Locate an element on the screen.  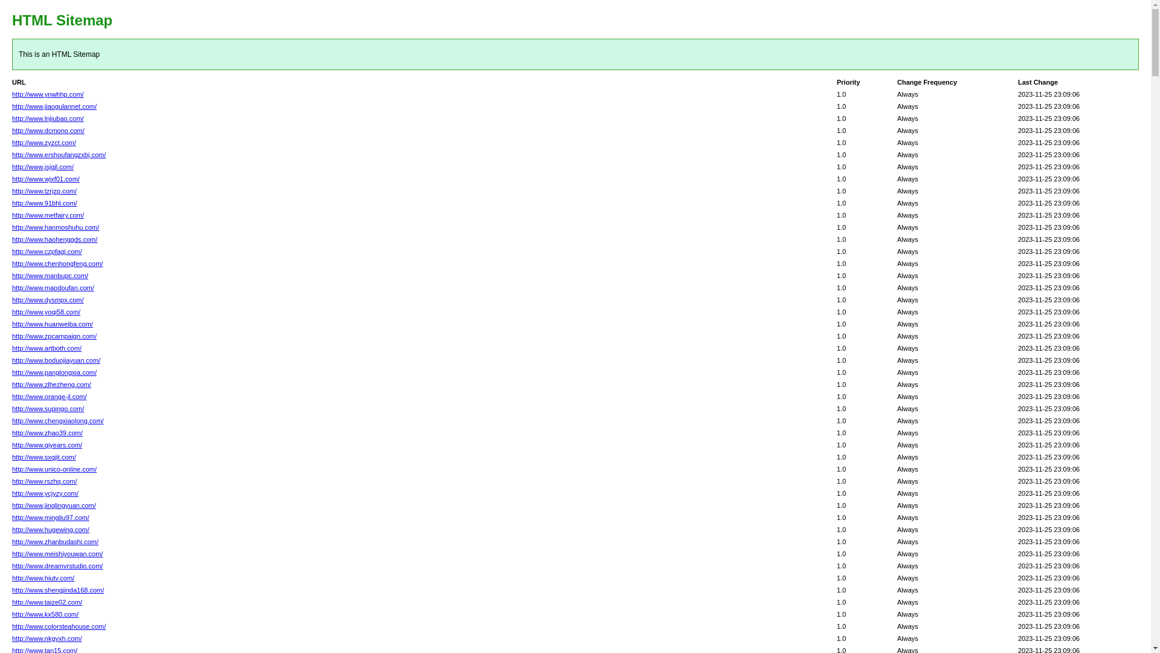
'http://www.zyzct.com/' is located at coordinates (11, 141).